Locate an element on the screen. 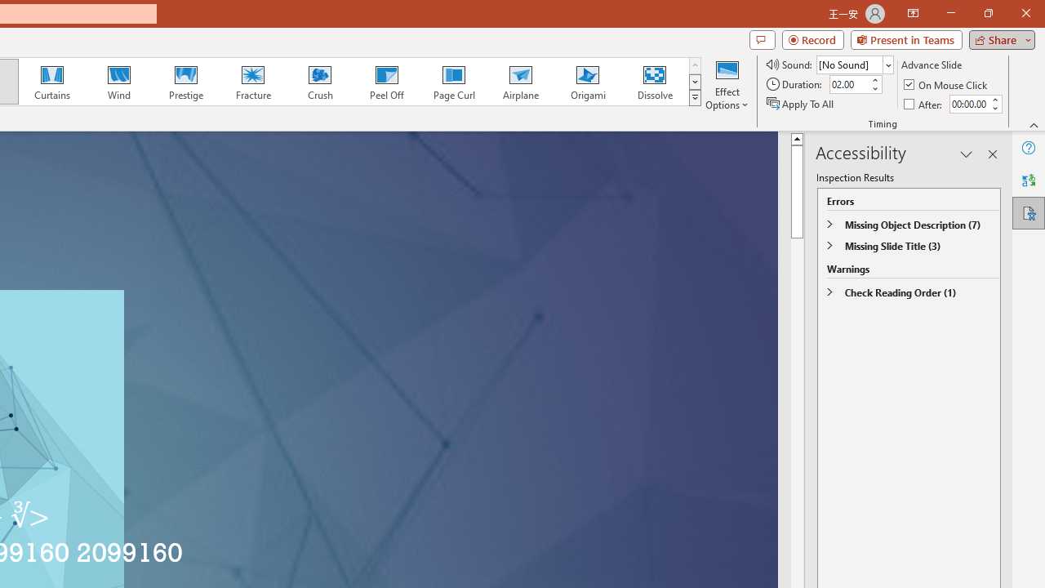  'Wind' is located at coordinates (118, 82).